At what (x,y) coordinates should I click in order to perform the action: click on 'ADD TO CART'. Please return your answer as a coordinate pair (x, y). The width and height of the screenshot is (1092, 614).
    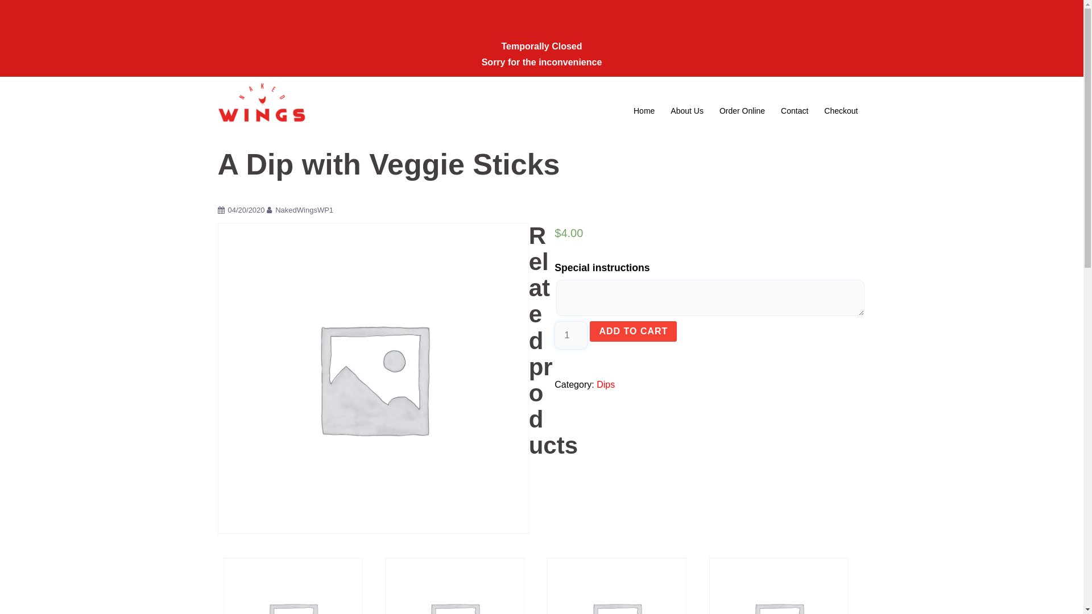
    Looking at the image, I should click on (632, 331).